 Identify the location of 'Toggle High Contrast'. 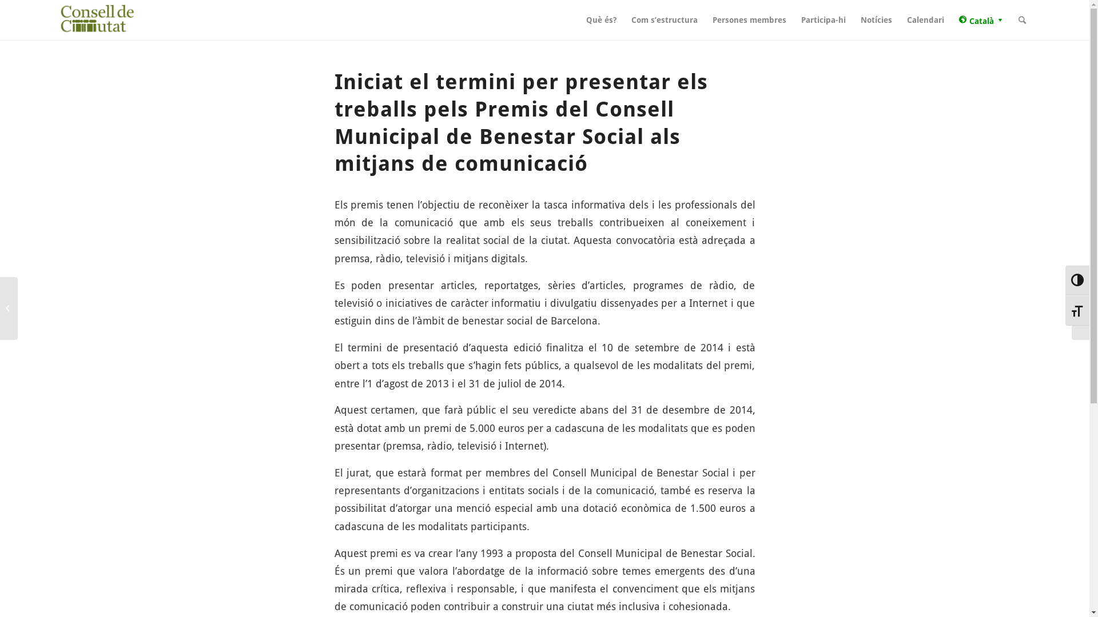
(1076, 280).